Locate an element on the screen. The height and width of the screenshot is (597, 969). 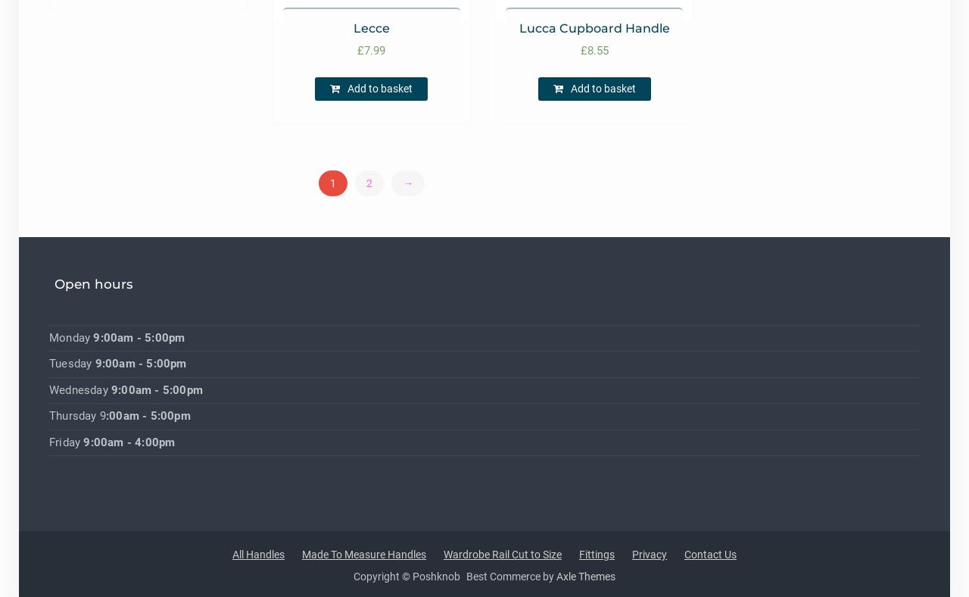
'Made To Measure Handles' is located at coordinates (301, 554).